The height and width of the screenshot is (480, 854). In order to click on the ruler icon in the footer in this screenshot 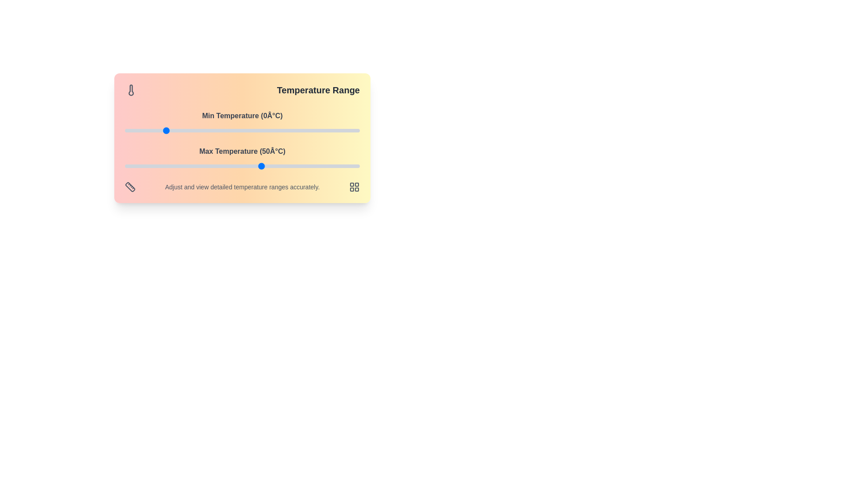, I will do `click(129, 186)`.